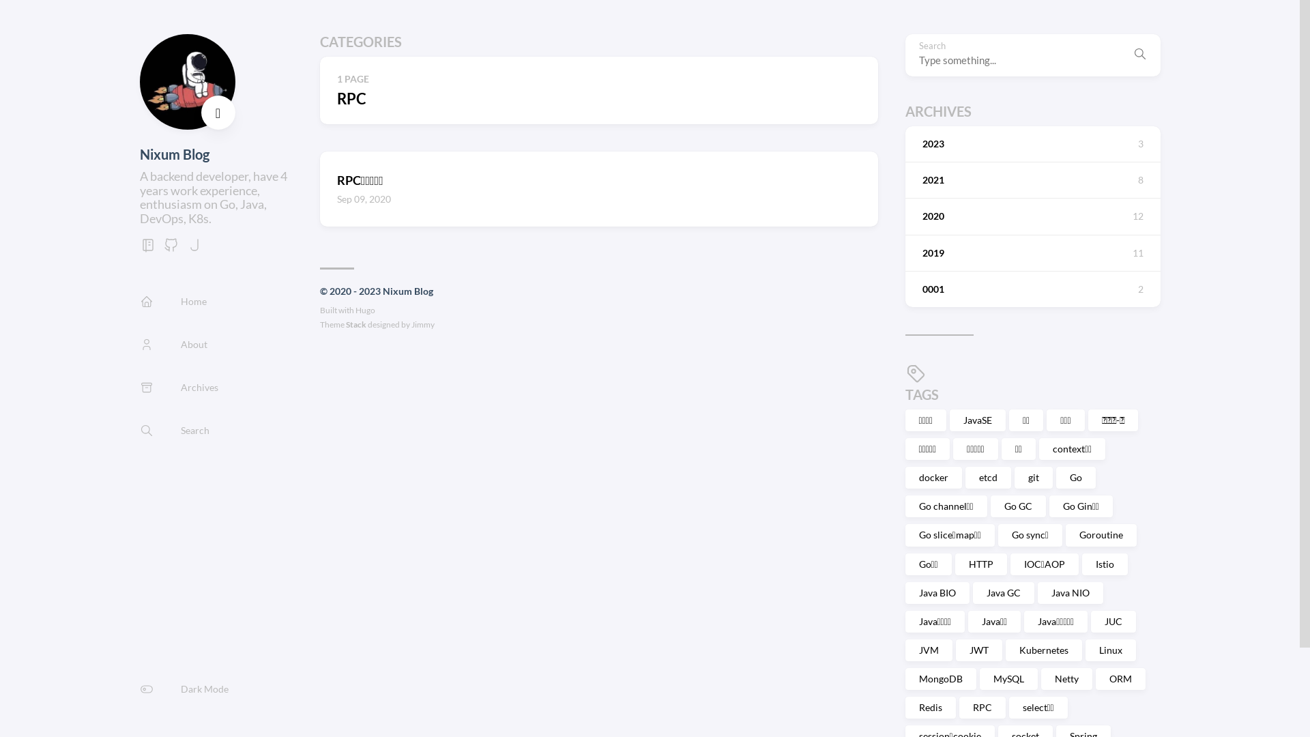  I want to click on '0001, so click(1032, 289).